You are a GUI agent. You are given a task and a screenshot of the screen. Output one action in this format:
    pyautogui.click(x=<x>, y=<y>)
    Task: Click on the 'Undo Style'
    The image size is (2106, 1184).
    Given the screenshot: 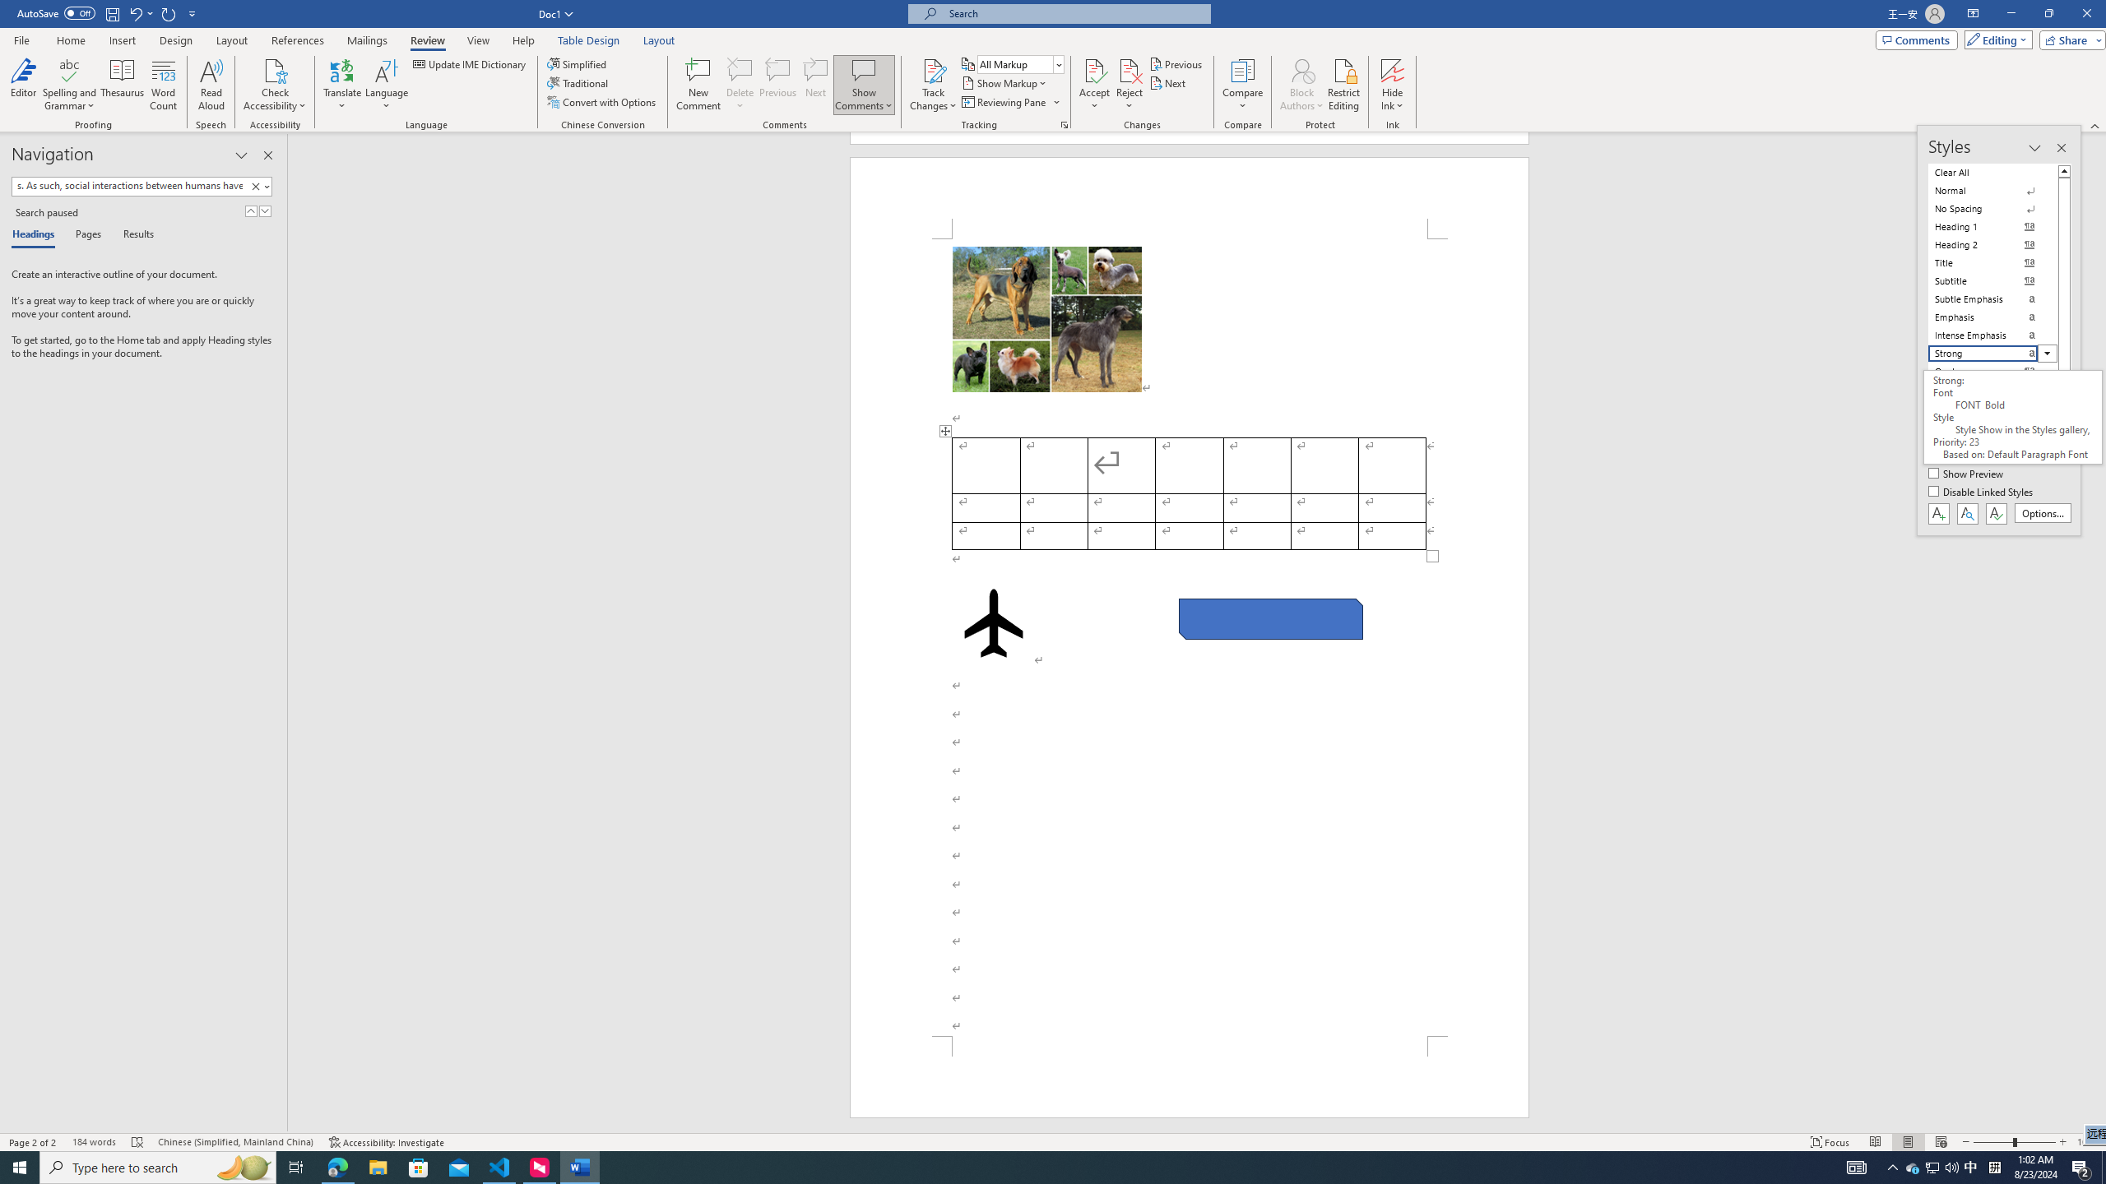 What is the action you would take?
    pyautogui.click(x=140, y=12)
    